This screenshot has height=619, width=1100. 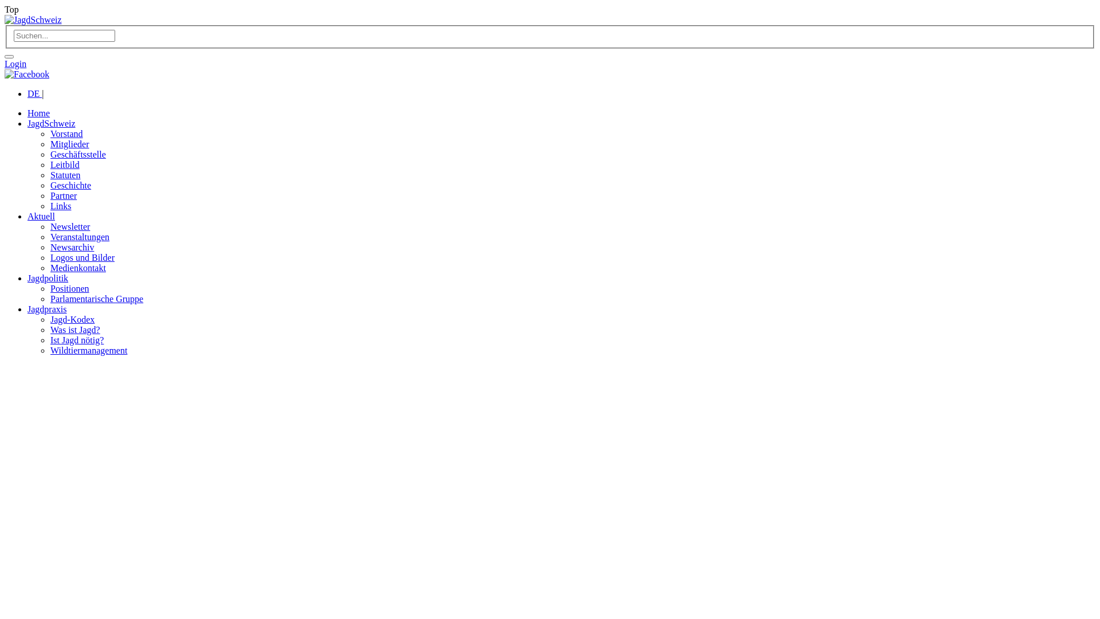 I want to click on 'Aktuell', so click(x=41, y=216).